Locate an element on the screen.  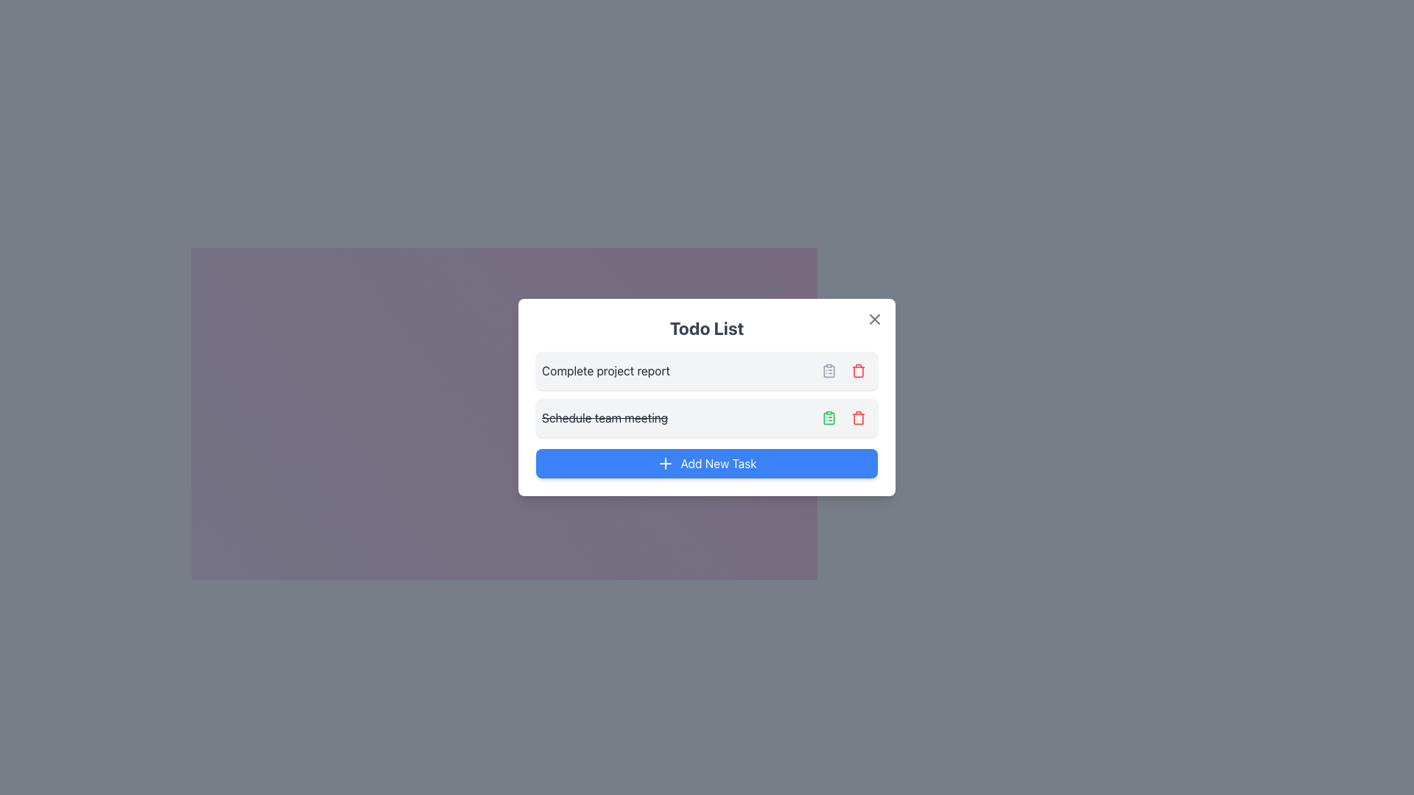
the task icons within the 'Todo List' section of the modal dialog is located at coordinates (707, 394).